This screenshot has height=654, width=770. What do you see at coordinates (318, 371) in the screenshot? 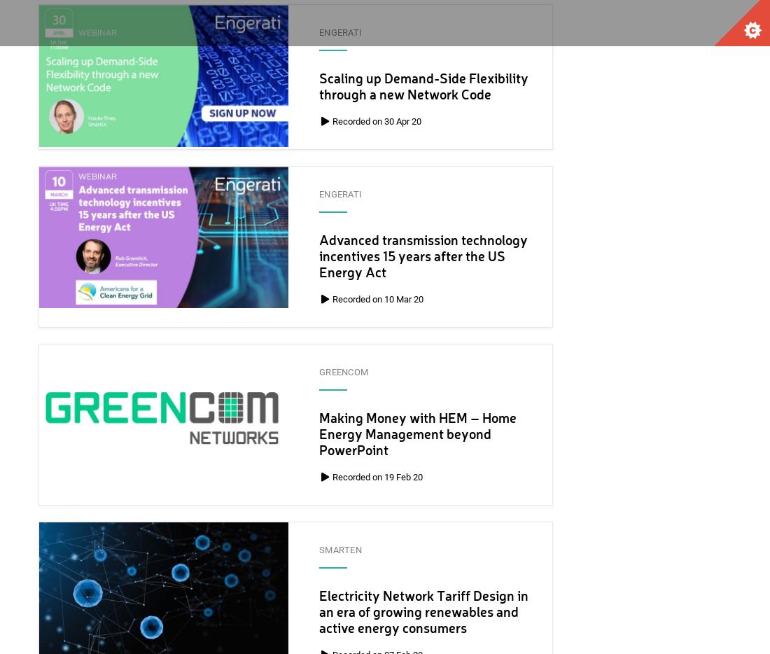
I see `'GreenCom'` at bounding box center [318, 371].